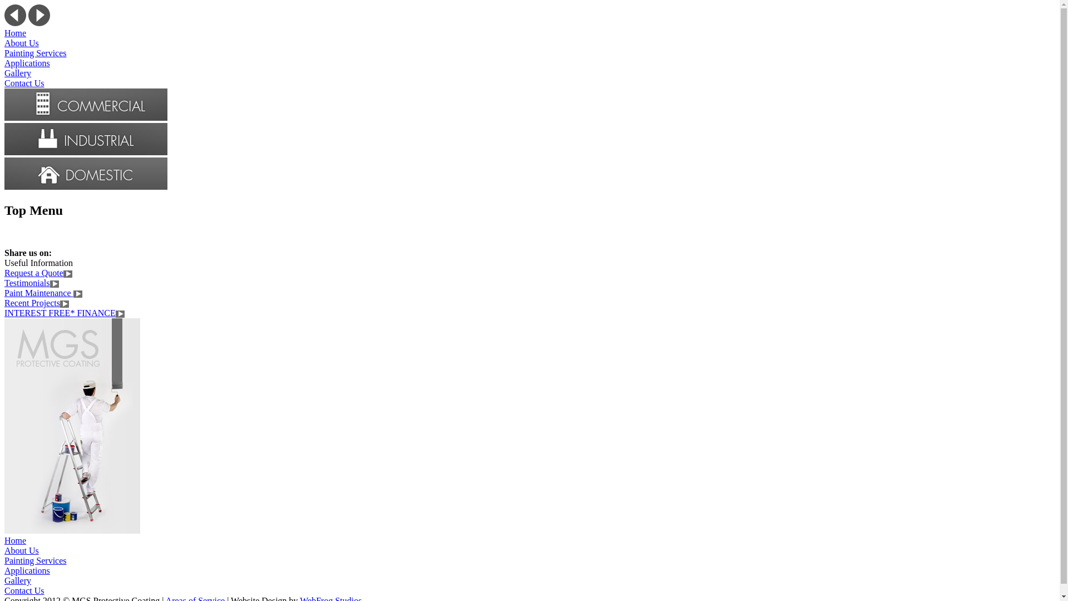  I want to click on 'Applications', so click(27, 570).